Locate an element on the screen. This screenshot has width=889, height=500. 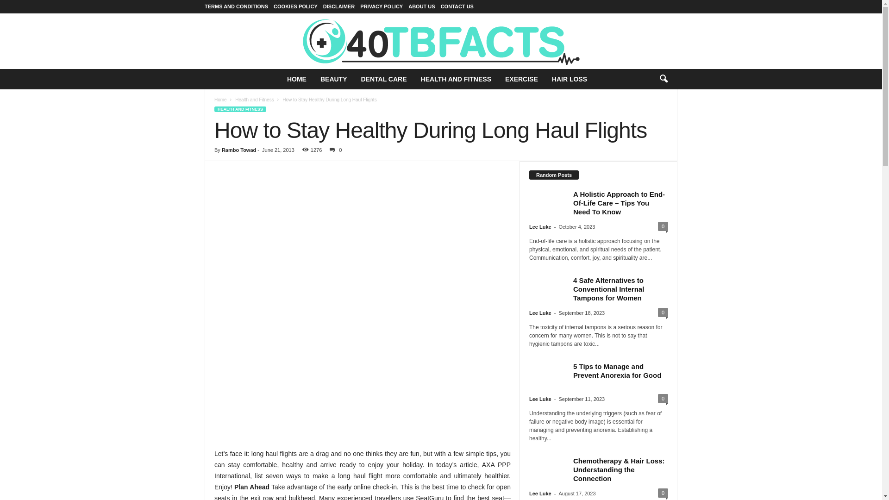
'COOKIES POLICY' is located at coordinates (295, 6).